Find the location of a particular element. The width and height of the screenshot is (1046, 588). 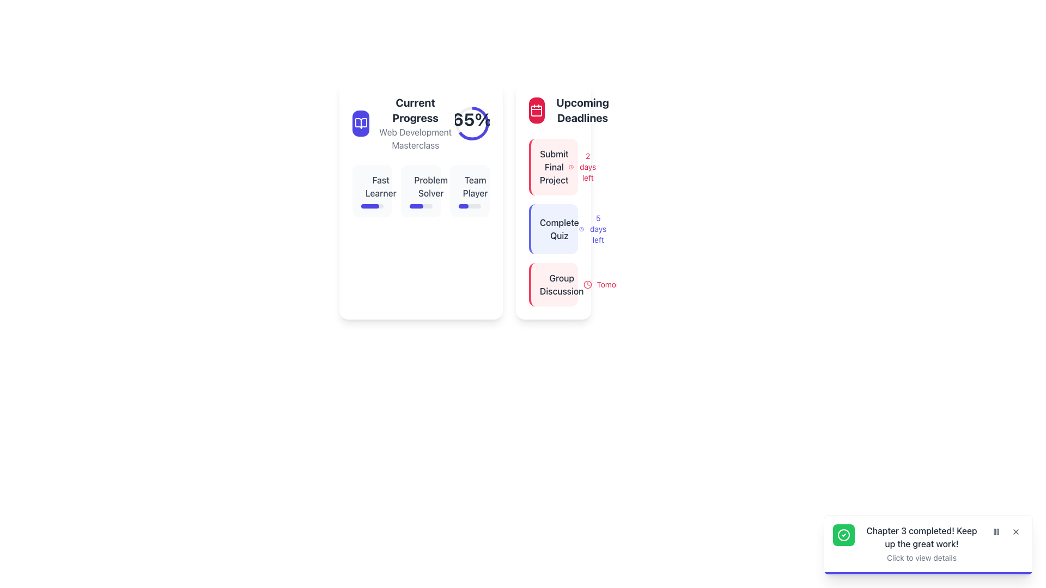

the clock icon representing time, located in the 'Upcoming Deadlines' section, adjacent to the text '2 days left' is located at coordinates (570, 167).